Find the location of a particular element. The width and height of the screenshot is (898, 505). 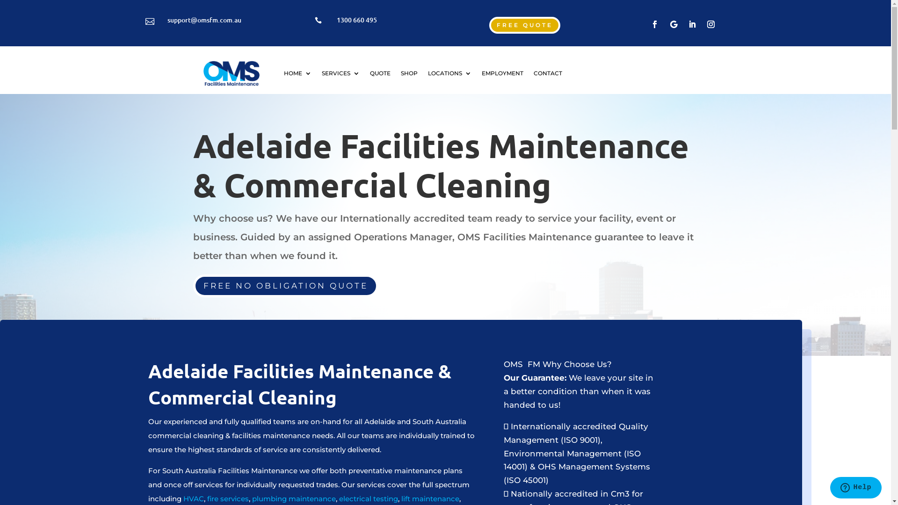

'EMPLOYMENT' is located at coordinates (502, 73).